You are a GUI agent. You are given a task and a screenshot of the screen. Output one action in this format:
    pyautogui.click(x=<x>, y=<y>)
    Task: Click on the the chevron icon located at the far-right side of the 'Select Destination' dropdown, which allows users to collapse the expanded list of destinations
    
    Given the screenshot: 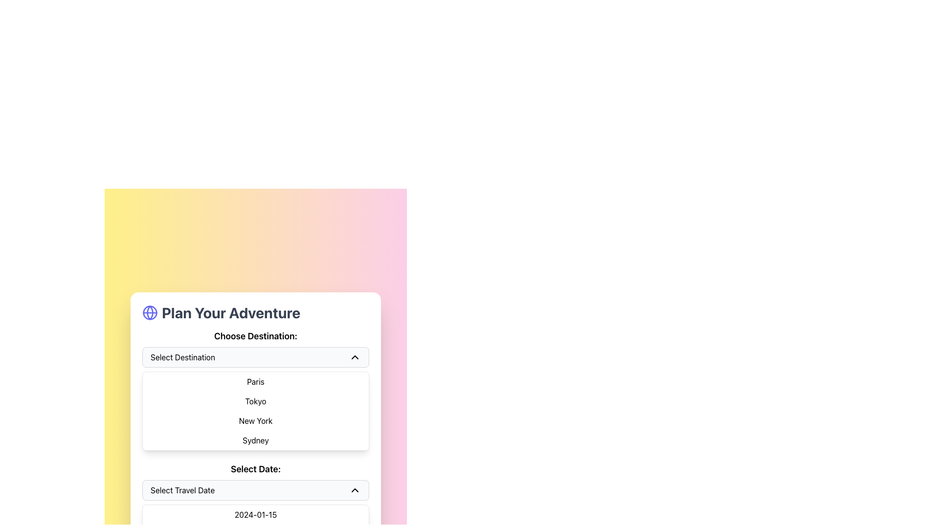 What is the action you would take?
    pyautogui.click(x=354, y=357)
    